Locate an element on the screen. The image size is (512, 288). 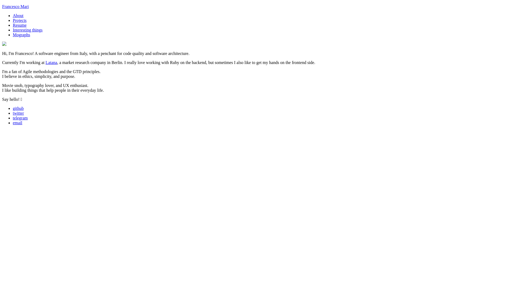
'email' is located at coordinates (18, 123).